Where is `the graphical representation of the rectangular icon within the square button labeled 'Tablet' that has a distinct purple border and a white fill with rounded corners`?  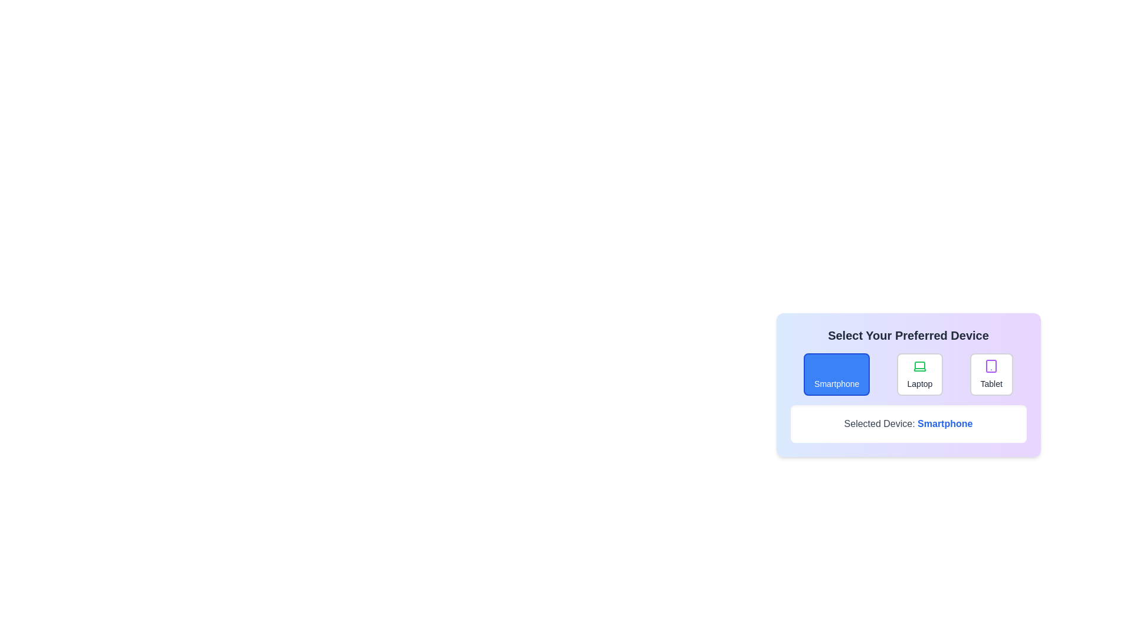
the graphical representation of the rectangular icon within the square button labeled 'Tablet' that has a distinct purple border and a white fill with rounded corners is located at coordinates (991, 366).